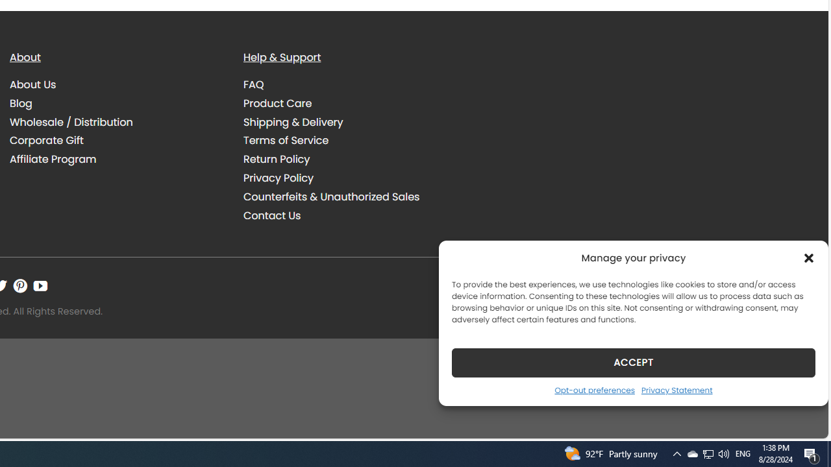 This screenshot has height=467, width=831. I want to click on 'About Us', so click(33, 85).